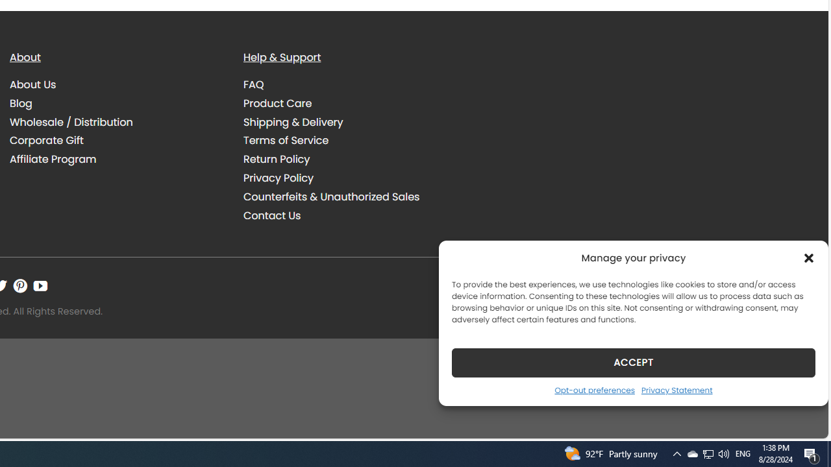 This screenshot has height=467, width=831. I want to click on 'About Us', so click(33, 85).